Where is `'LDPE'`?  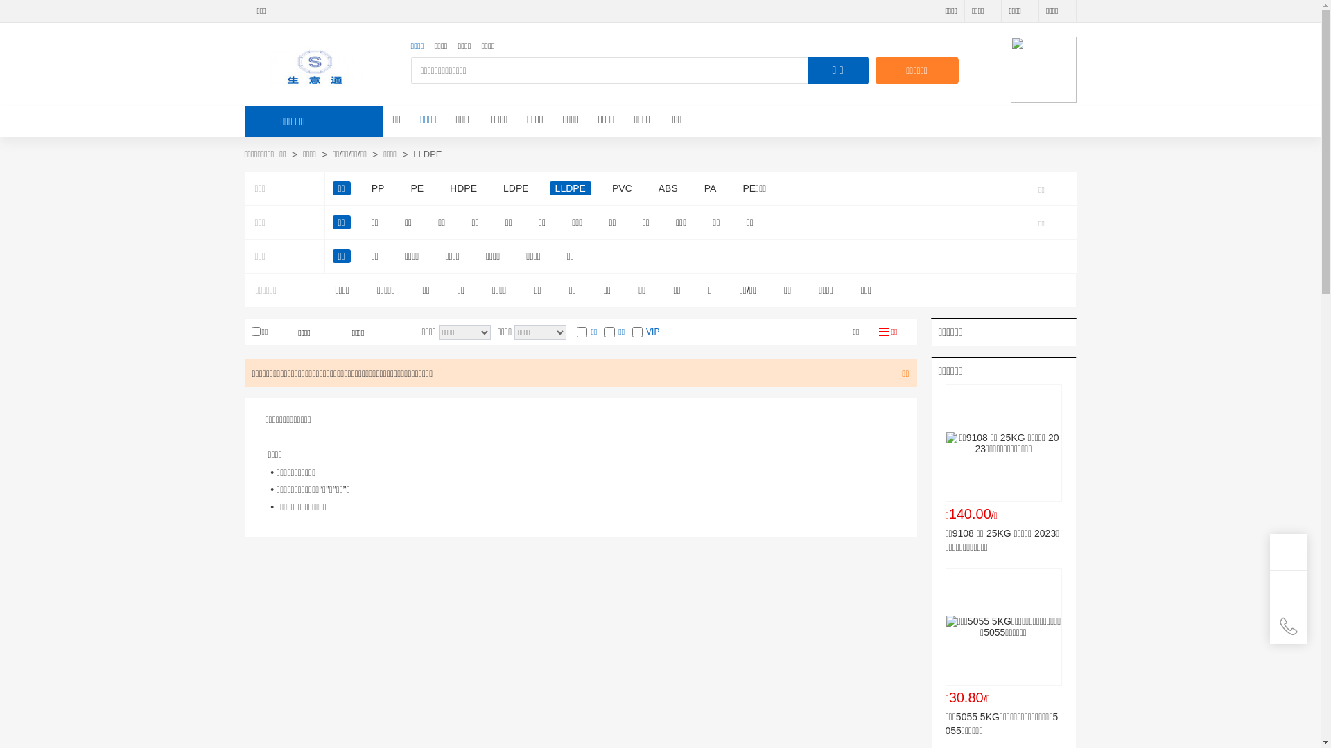 'LDPE' is located at coordinates (515, 188).